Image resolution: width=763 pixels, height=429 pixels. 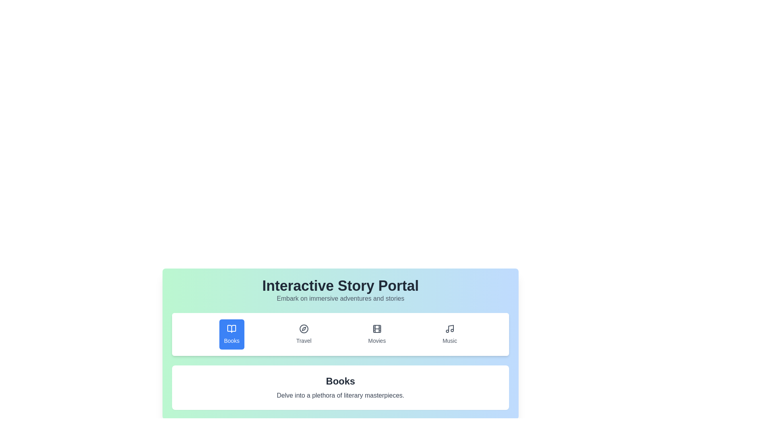 What do you see at coordinates (450, 329) in the screenshot?
I see `the SVG musical note icon, which visually represents the 'Music' button located on the rightmost side of the options under the 'Interactive Story Portal' header` at bounding box center [450, 329].